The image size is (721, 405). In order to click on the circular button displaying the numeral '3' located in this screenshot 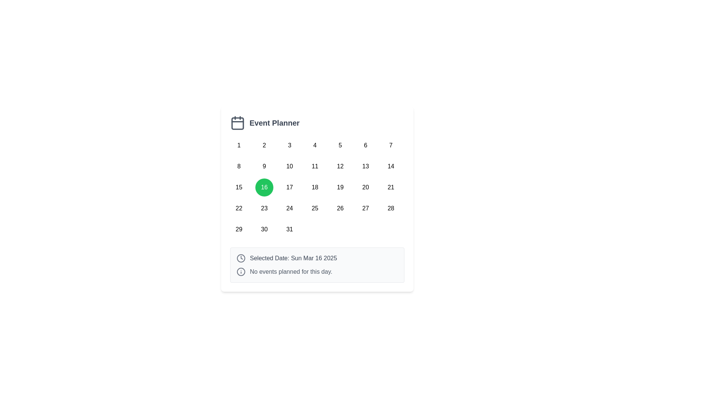, I will do `click(289, 145)`.